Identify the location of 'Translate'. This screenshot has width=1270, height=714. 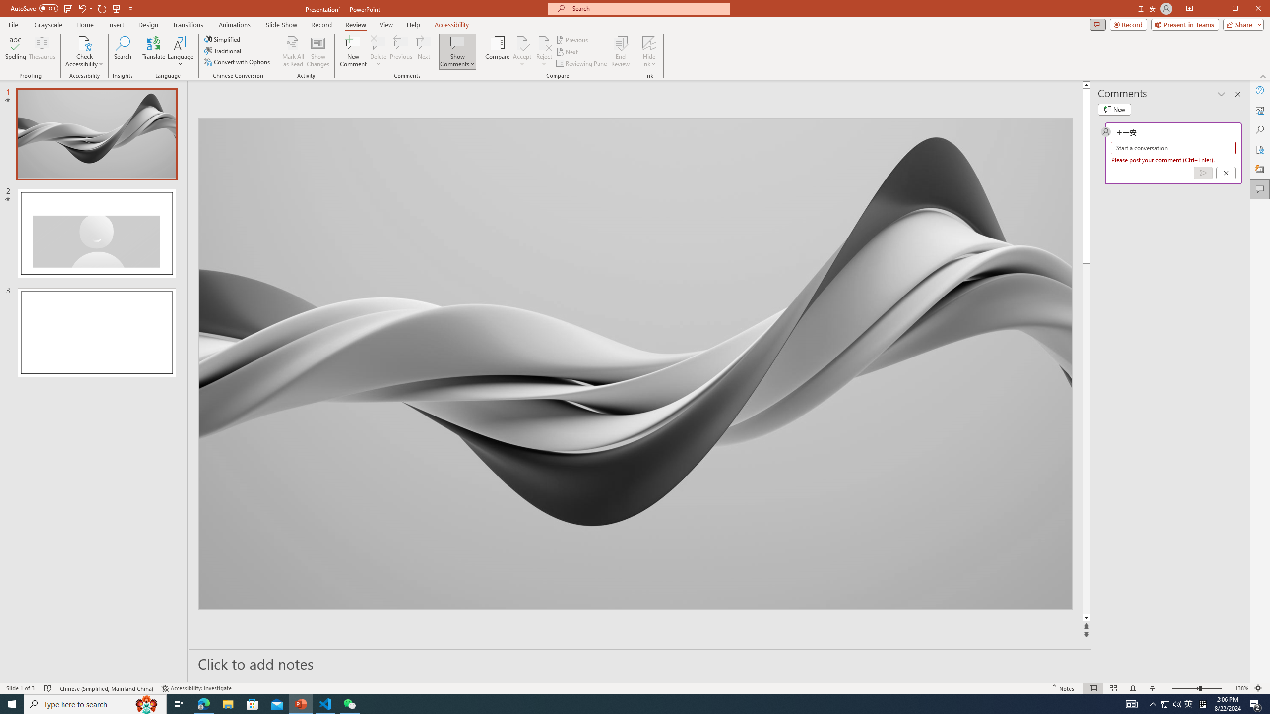
(153, 51).